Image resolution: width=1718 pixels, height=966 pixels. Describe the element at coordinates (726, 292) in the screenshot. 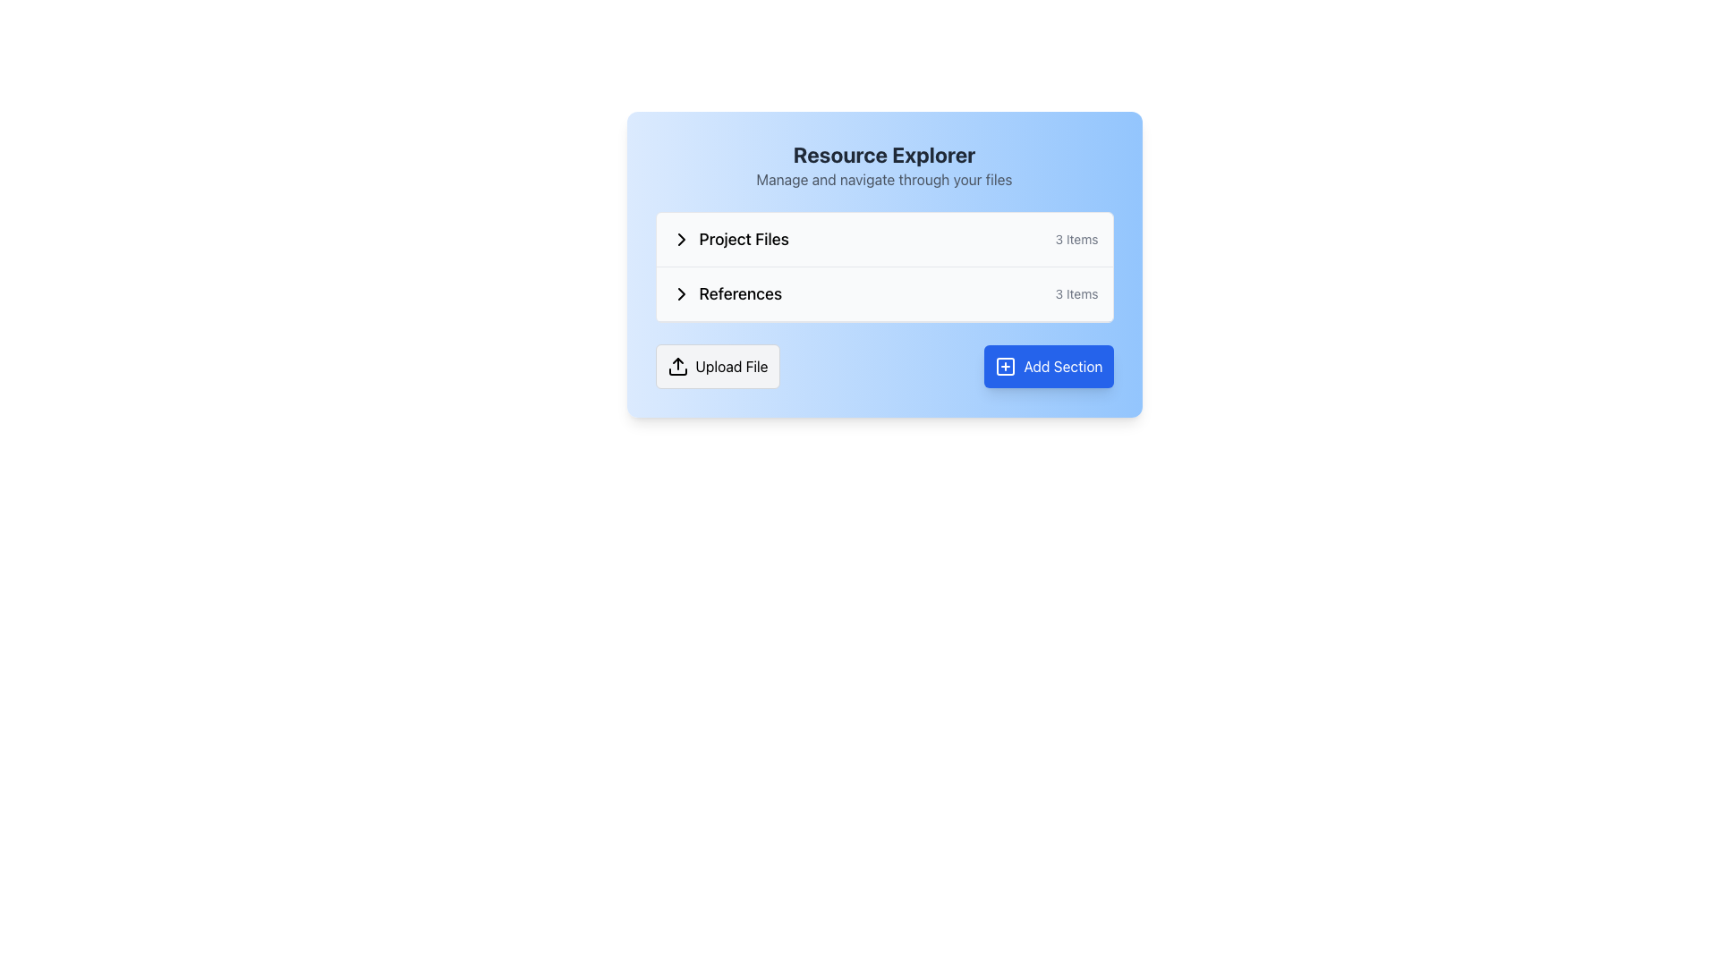

I see `the 'References' menu item represented by a Text Label with Icon located under 'Resource Explorer'` at that location.